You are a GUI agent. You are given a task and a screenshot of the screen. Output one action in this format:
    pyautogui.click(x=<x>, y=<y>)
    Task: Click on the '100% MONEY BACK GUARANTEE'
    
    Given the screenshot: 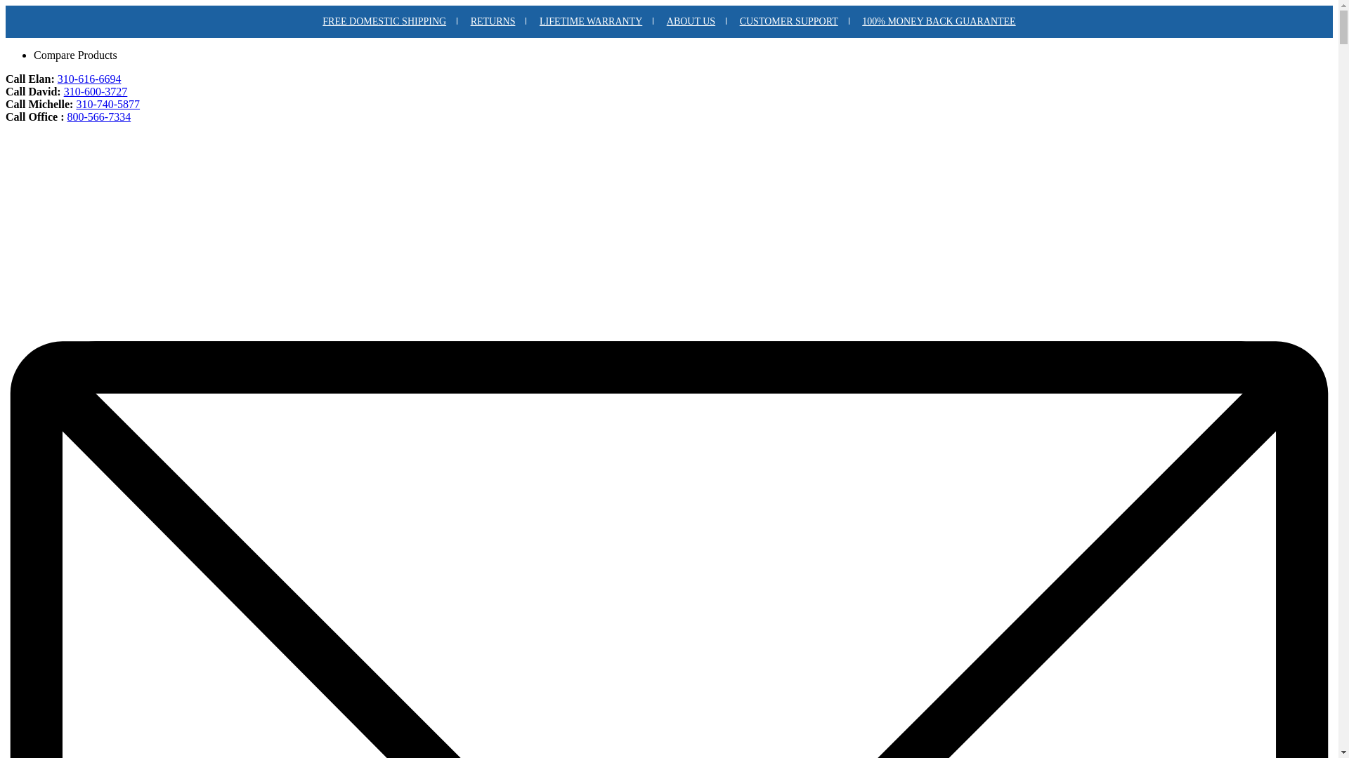 What is the action you would take?
    pyautogui.click(x=850, y=21)
    